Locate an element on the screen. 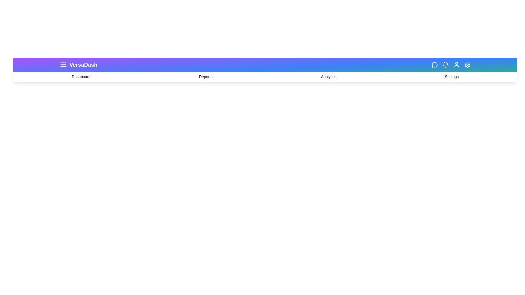 The image size is (525, 295). the 'MessageCircle' icon to interact with it is located at coordinates (434, 64).